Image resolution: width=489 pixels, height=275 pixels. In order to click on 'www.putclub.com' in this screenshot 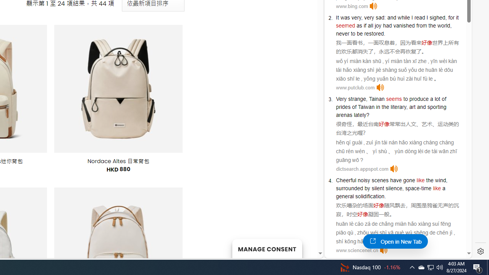, I will do `click(355, 87)`.